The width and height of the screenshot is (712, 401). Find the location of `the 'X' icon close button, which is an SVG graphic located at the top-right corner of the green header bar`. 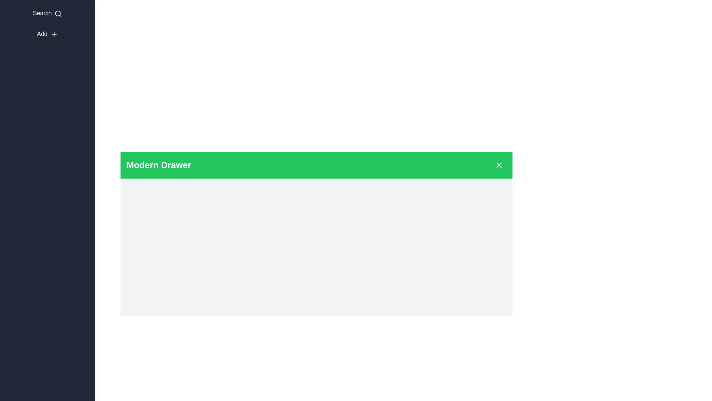

the 'X' icon close button, which is an SVG graphic located at the top-right corner of the green header bar is located at coordinates (499, 164).